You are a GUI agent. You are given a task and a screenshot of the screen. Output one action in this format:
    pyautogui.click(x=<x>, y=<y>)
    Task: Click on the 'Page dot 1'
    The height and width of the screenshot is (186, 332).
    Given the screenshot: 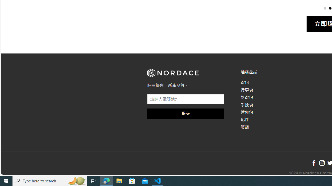 What is the action you would take?
    pyautogui.click(x=324, y=8)
    